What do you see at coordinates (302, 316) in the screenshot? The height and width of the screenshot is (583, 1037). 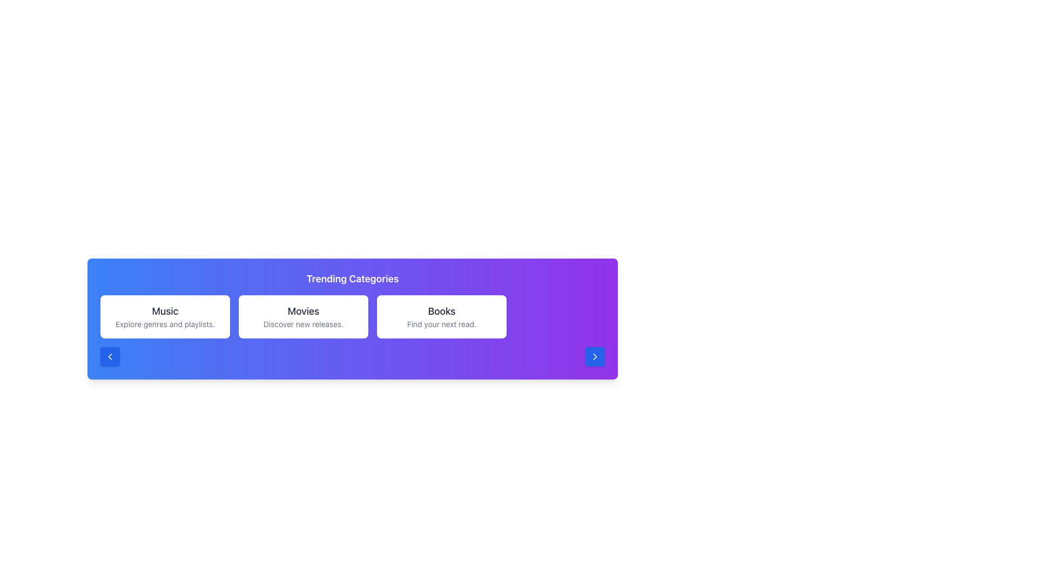 I see `the second card in the 'Trending Categories' section, which provides information about movies and serves as a button for further actions` at bounding box center [302, 316].